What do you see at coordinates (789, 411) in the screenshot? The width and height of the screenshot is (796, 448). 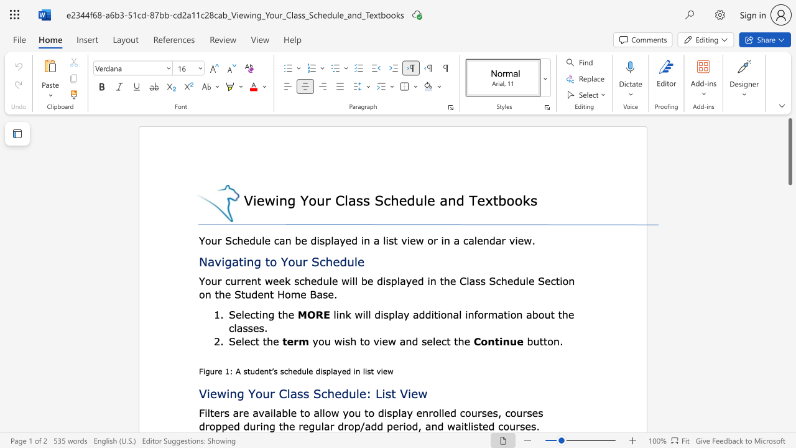 I see `the right-hand scrollbar to descend the page` at bounding box center [789, 411].